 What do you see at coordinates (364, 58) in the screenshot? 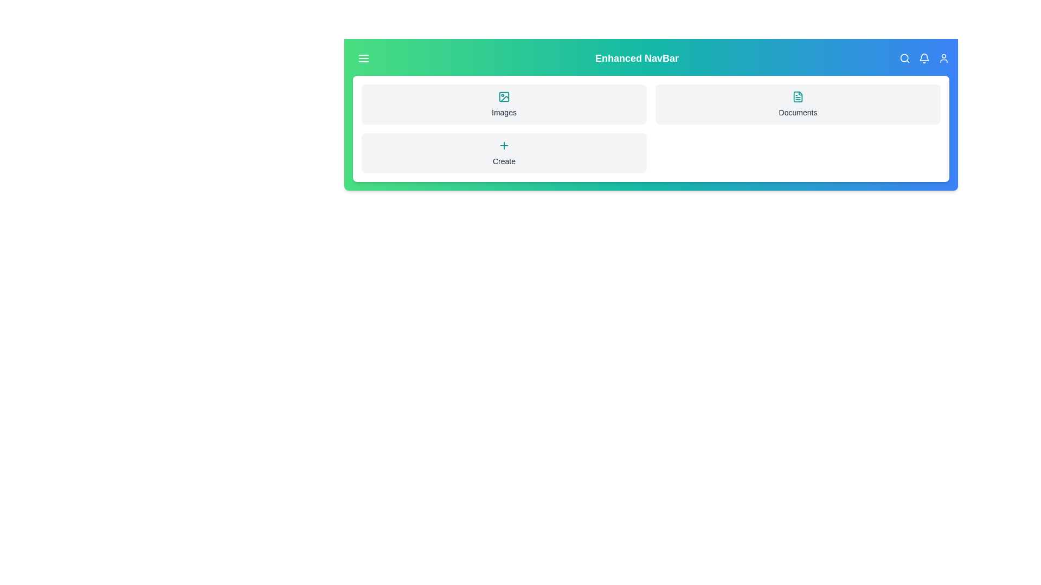
I see `the menu toggle button to toggle the menu visibility` at bounding box center [364, 58].